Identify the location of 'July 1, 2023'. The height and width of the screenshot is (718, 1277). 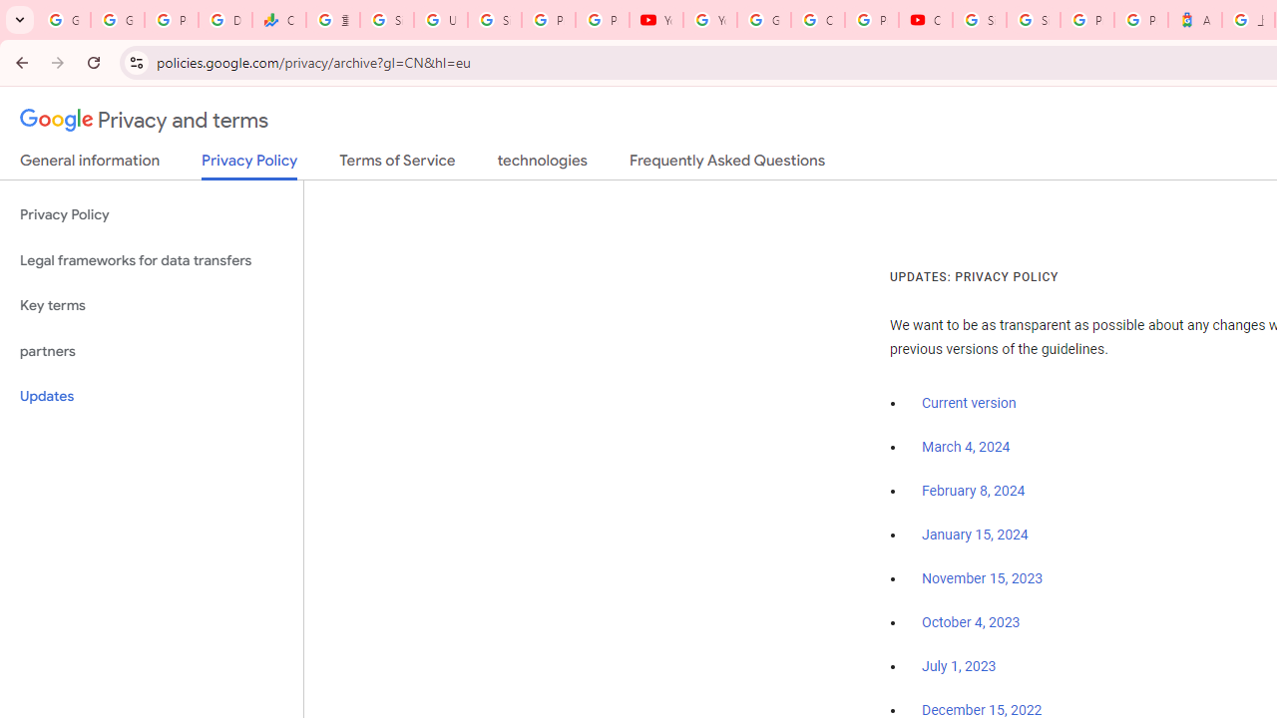
(959, 667).